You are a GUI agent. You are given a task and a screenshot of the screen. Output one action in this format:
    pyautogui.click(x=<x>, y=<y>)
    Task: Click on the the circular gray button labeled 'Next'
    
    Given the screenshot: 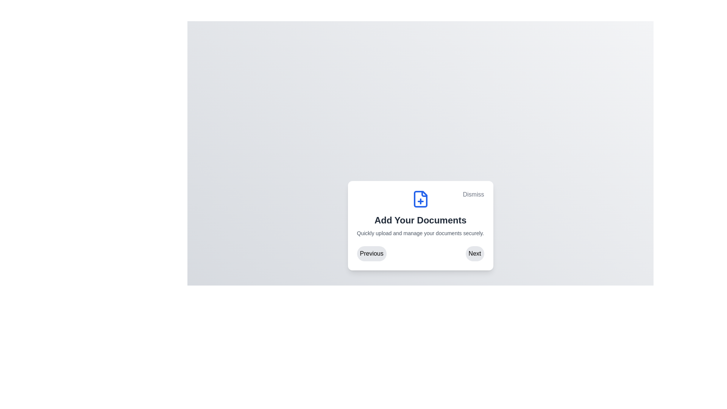 What is the action you would take?
    pyautogui.click(x=474, y=254)
    